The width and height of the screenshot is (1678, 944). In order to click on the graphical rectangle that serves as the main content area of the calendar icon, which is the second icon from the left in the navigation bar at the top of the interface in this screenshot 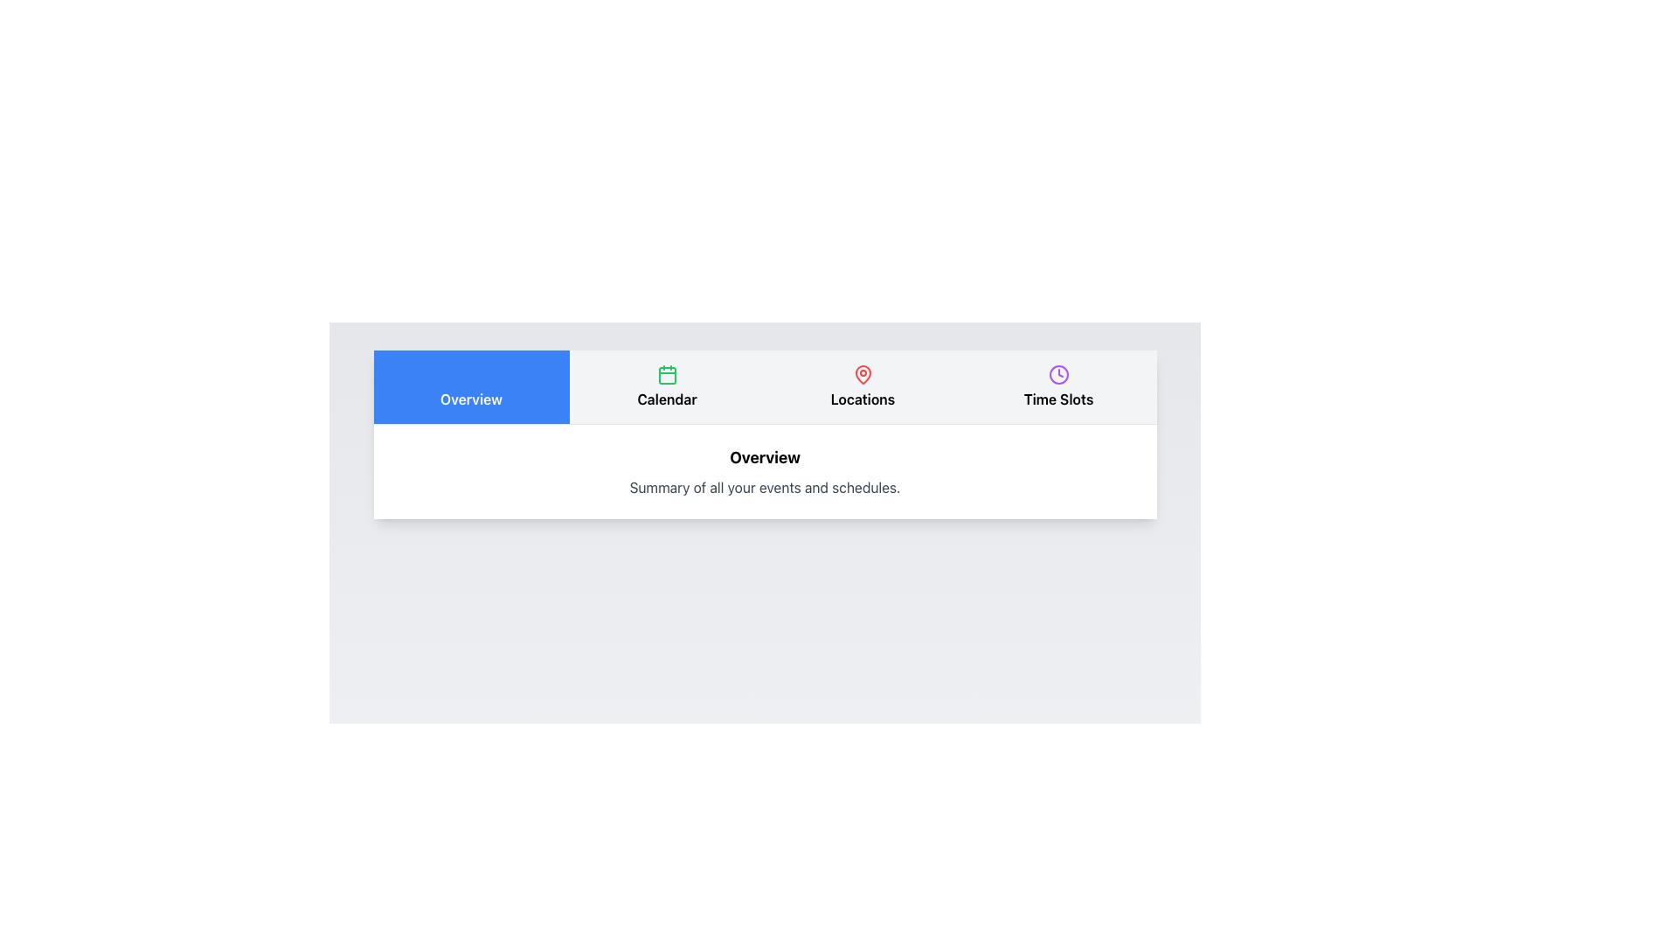, I will do `click(666, 374)`.